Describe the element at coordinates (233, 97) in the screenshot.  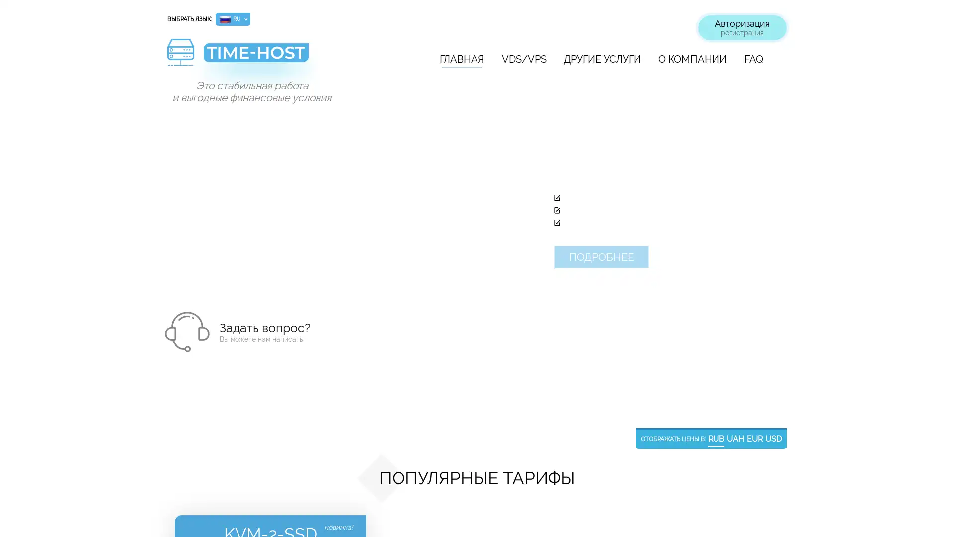
I see `it IT` at that location.